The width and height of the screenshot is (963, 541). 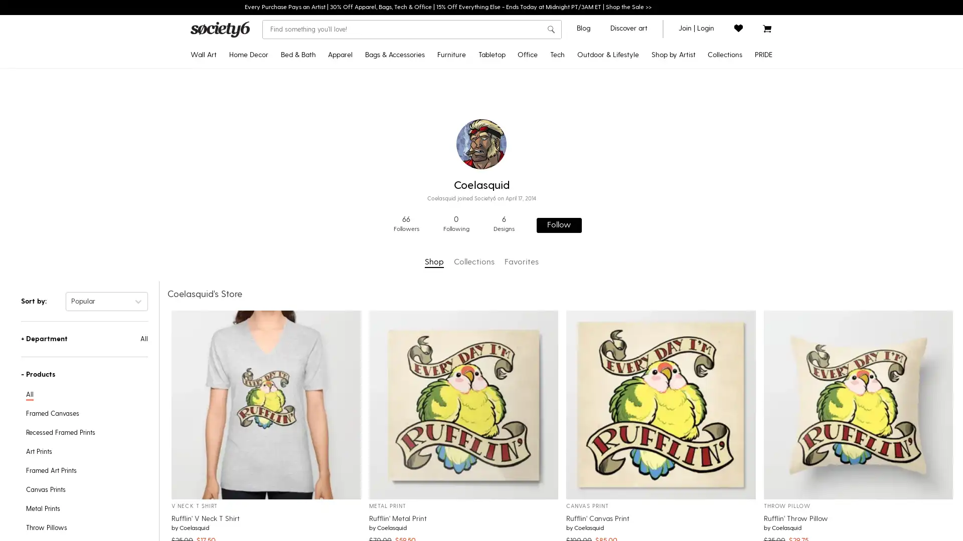 What do you see at coordinates (537, 29) in the screenshot?
I see `Clear search` at bounding box center [537, 29].